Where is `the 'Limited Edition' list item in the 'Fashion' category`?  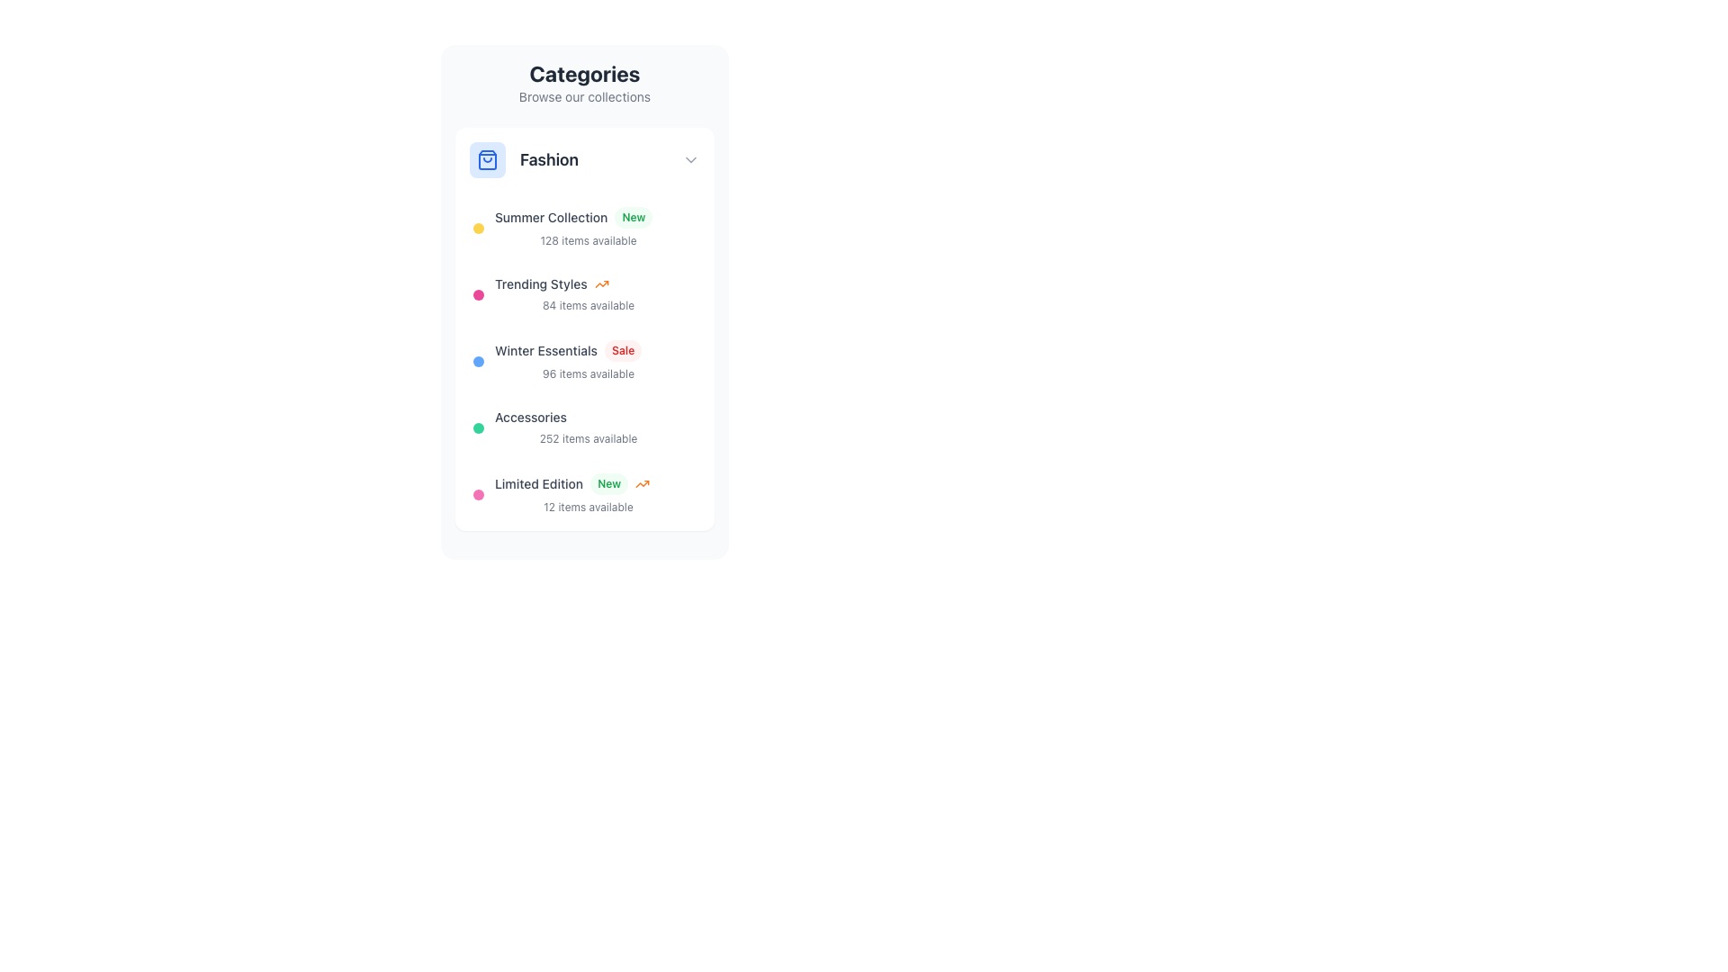
the 'Limited Edition' list item in the 'Fashion' category is located at coordinates (584, 495).